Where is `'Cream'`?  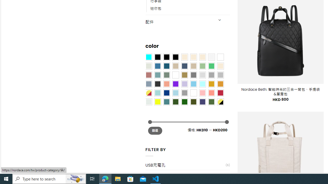 'Cream' is located at coordinates (202, 57).